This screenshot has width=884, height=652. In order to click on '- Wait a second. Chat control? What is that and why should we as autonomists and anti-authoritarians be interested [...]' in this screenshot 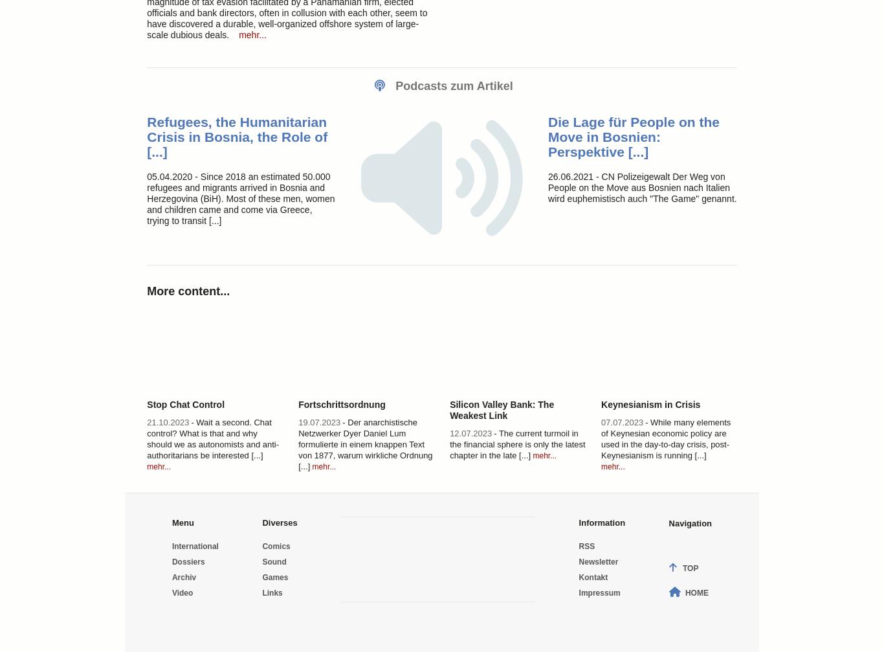, I will do `click(212, 438)`.